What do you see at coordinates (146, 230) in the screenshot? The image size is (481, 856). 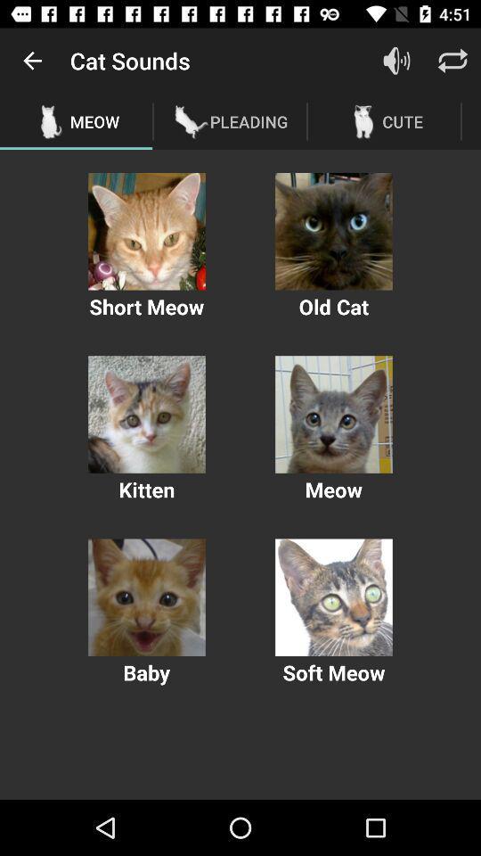 I see `short meow sound` at bounding box center [146, 230].